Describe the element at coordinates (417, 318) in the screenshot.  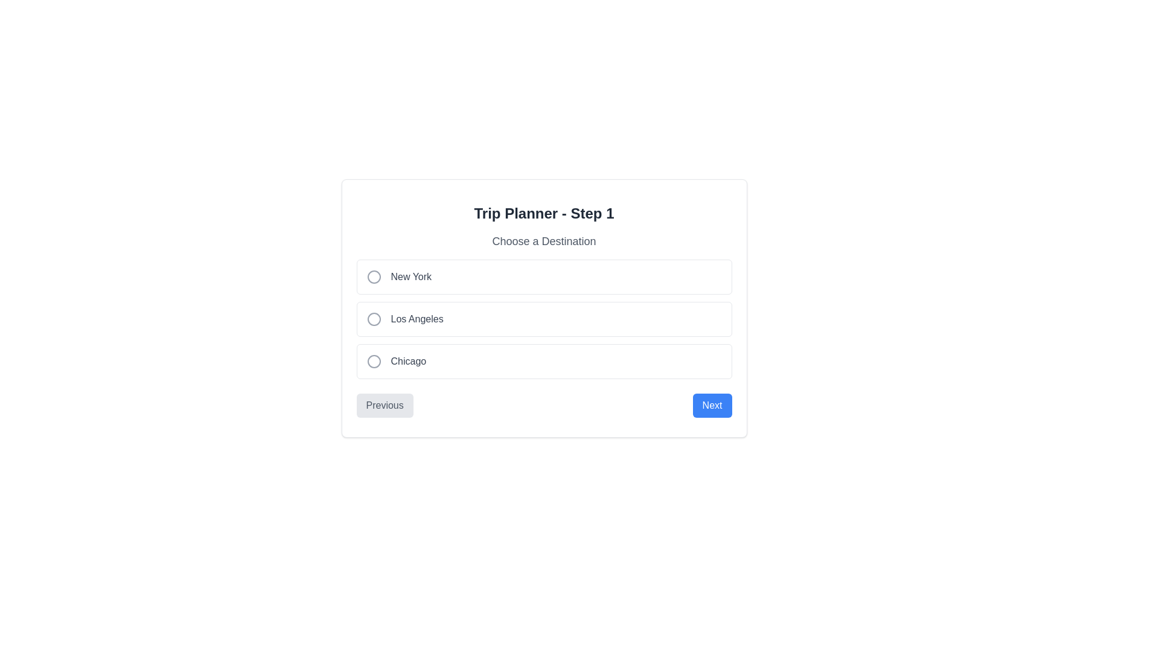
I see `the radio button associated with the 'Los Angeles' text label` at that location.